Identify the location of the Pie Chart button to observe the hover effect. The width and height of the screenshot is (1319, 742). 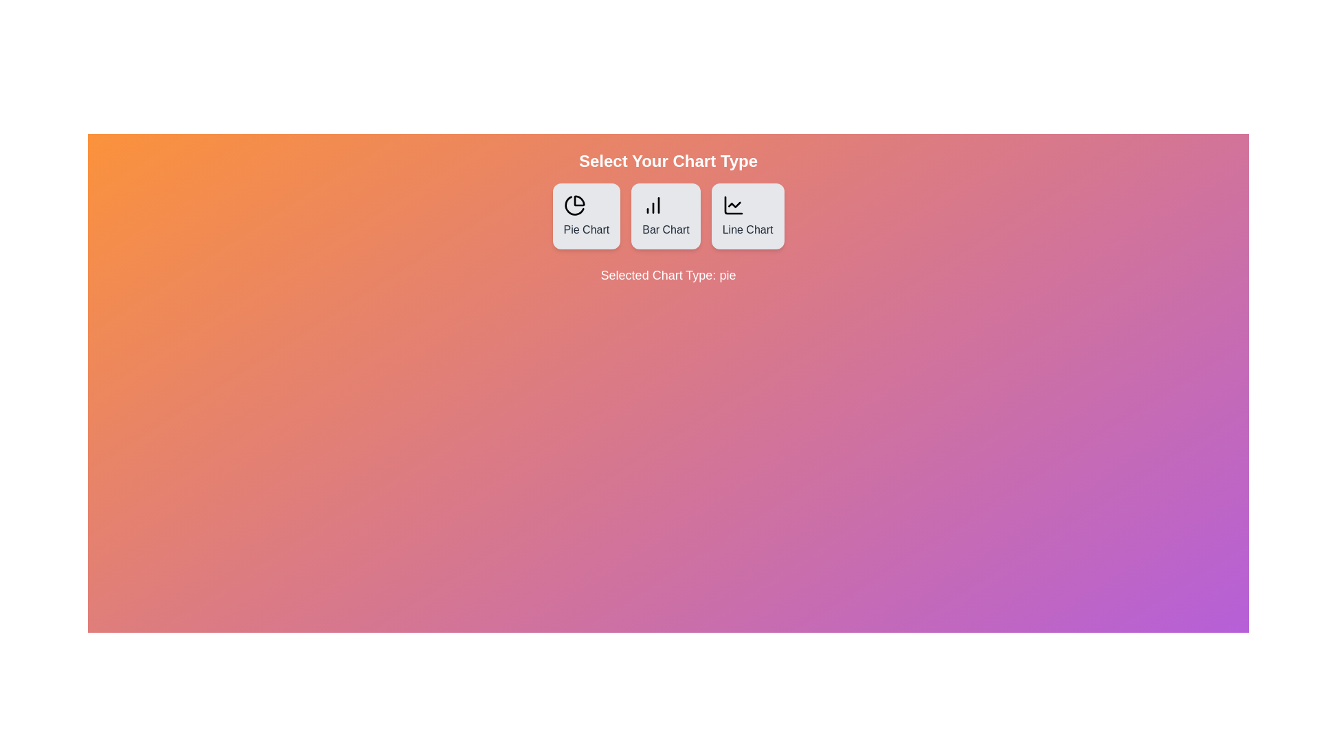
(586, 216).